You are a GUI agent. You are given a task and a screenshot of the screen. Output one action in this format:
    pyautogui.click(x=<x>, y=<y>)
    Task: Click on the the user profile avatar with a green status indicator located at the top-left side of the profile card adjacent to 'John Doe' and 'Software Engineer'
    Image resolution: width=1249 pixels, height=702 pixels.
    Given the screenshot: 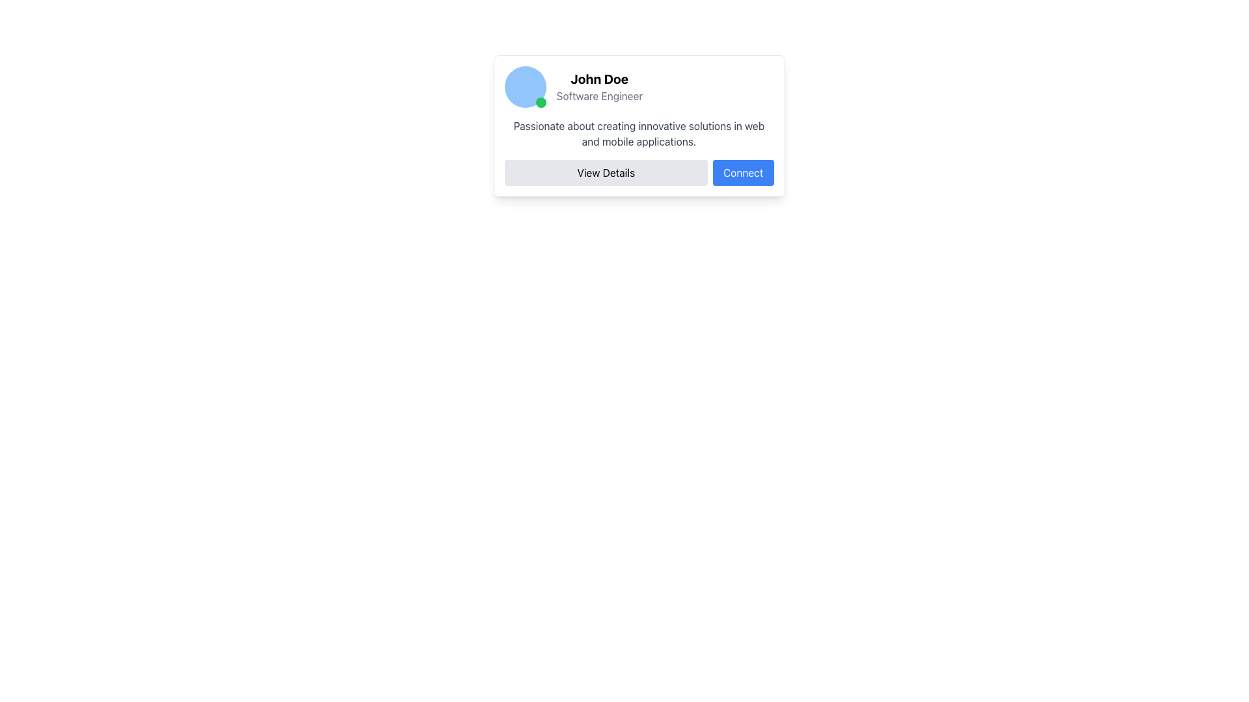 What is the action you would take?
    pyautogui.click(x=525, y=87)
    